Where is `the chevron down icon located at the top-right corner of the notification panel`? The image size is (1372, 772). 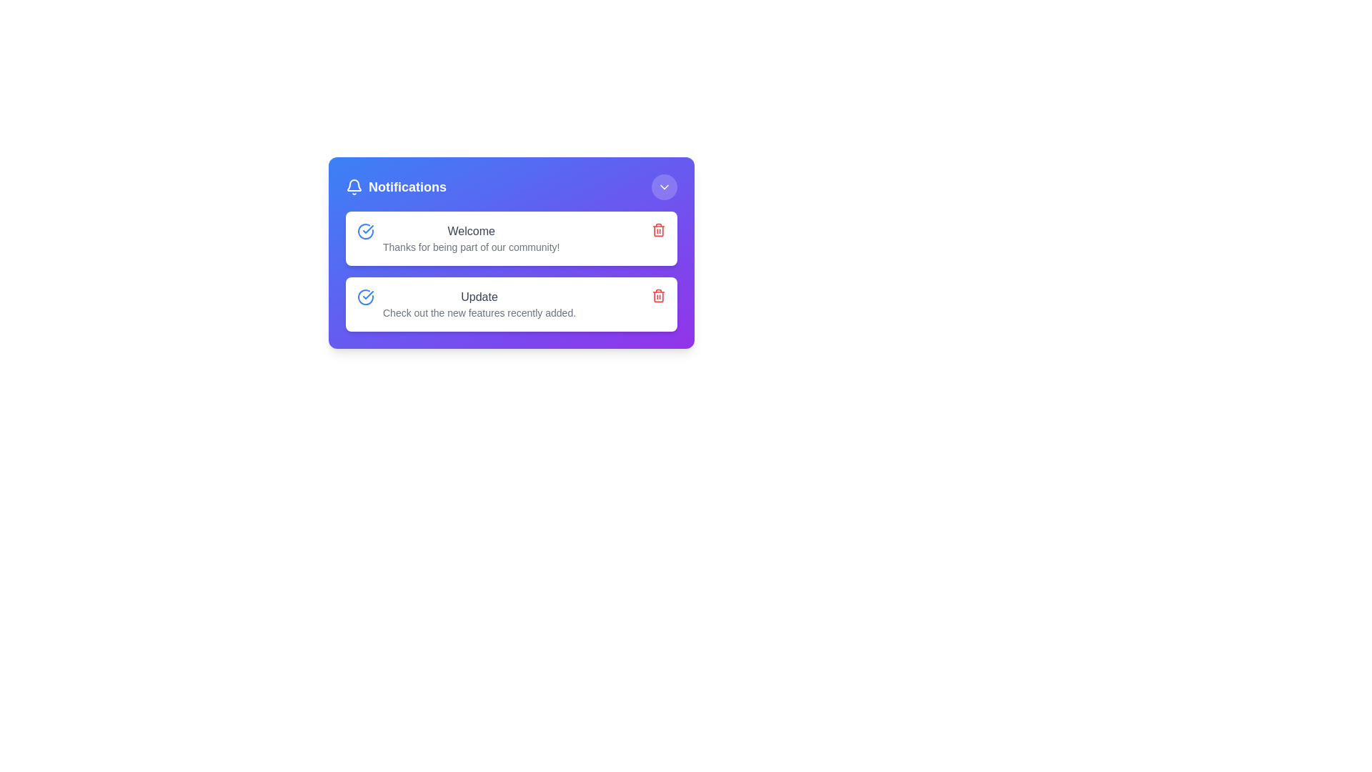
the chevron down icon located at the top-right corner of the notification panel is located at coordinates (664, 187).